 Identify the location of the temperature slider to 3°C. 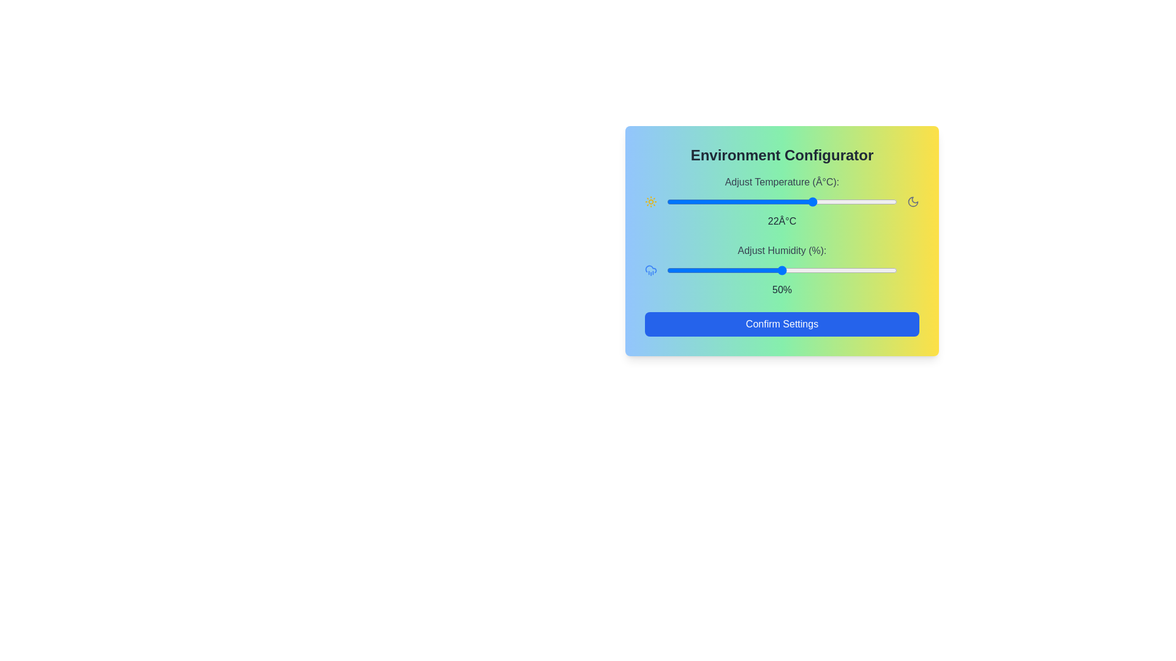
(726, 201).